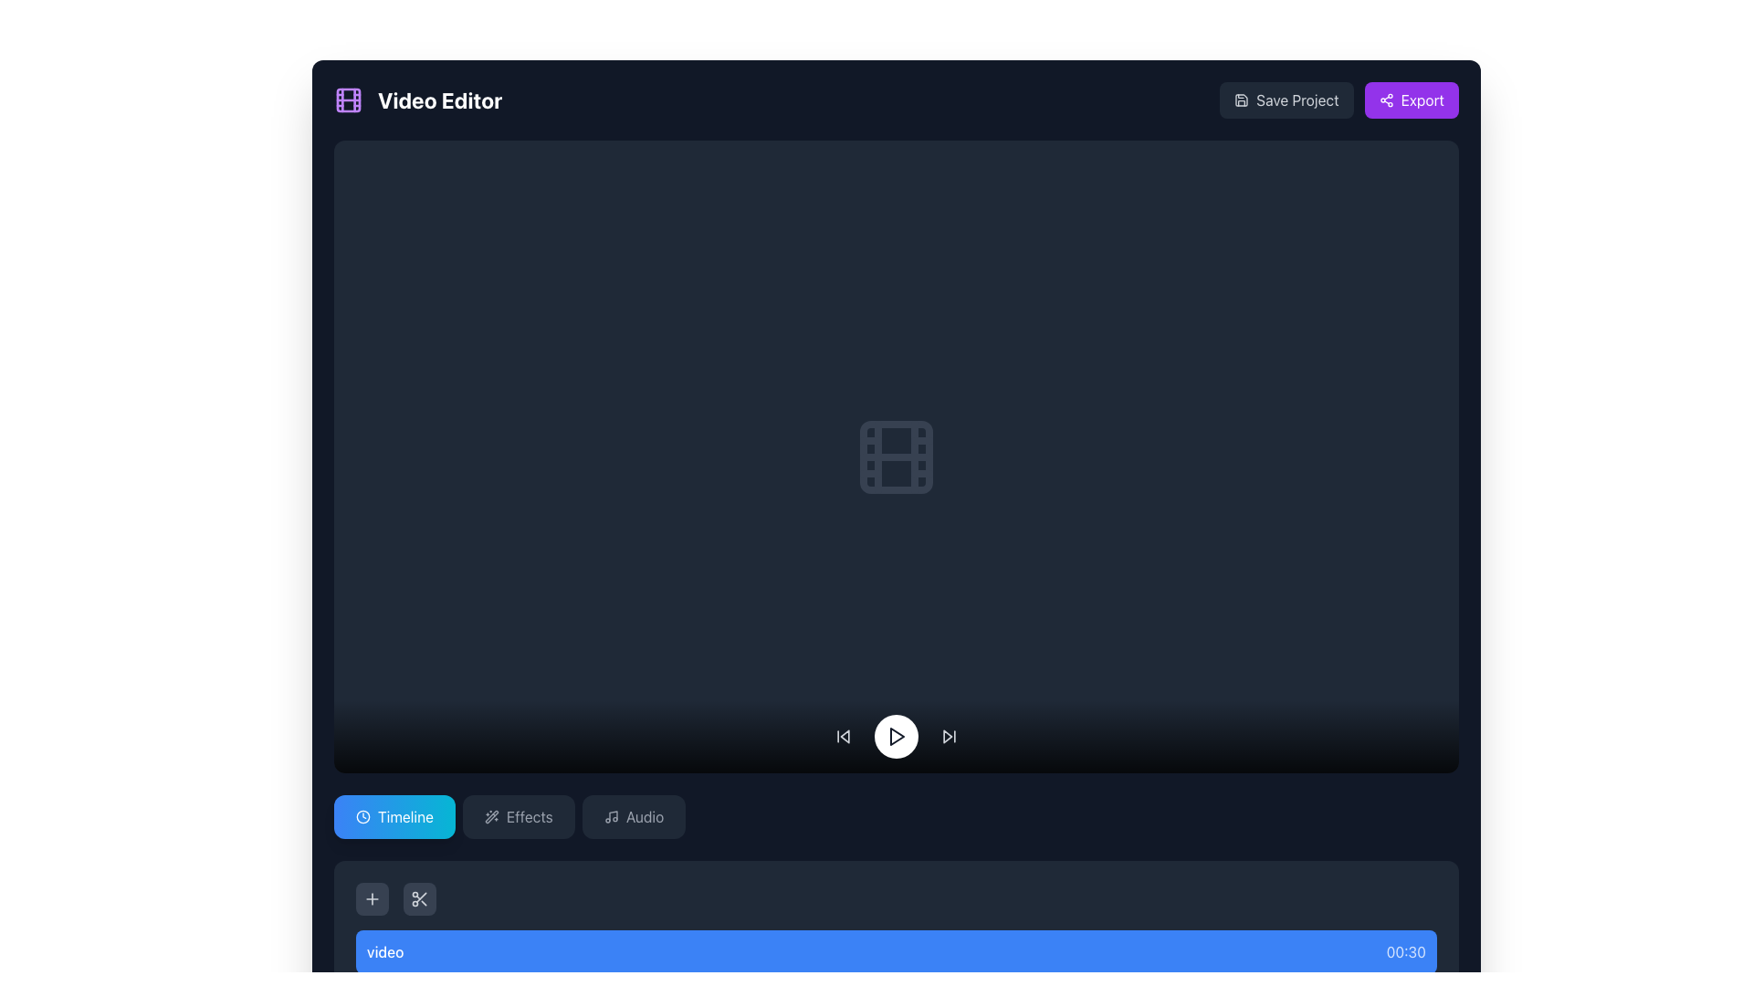 Image resolution: width=1753 pixels, height=986 pixels. I want to click on the rectangular subcomponent of the film roll icon, which is a non-interactive decorative element, located at the center of the user interface, so click(897, 456).